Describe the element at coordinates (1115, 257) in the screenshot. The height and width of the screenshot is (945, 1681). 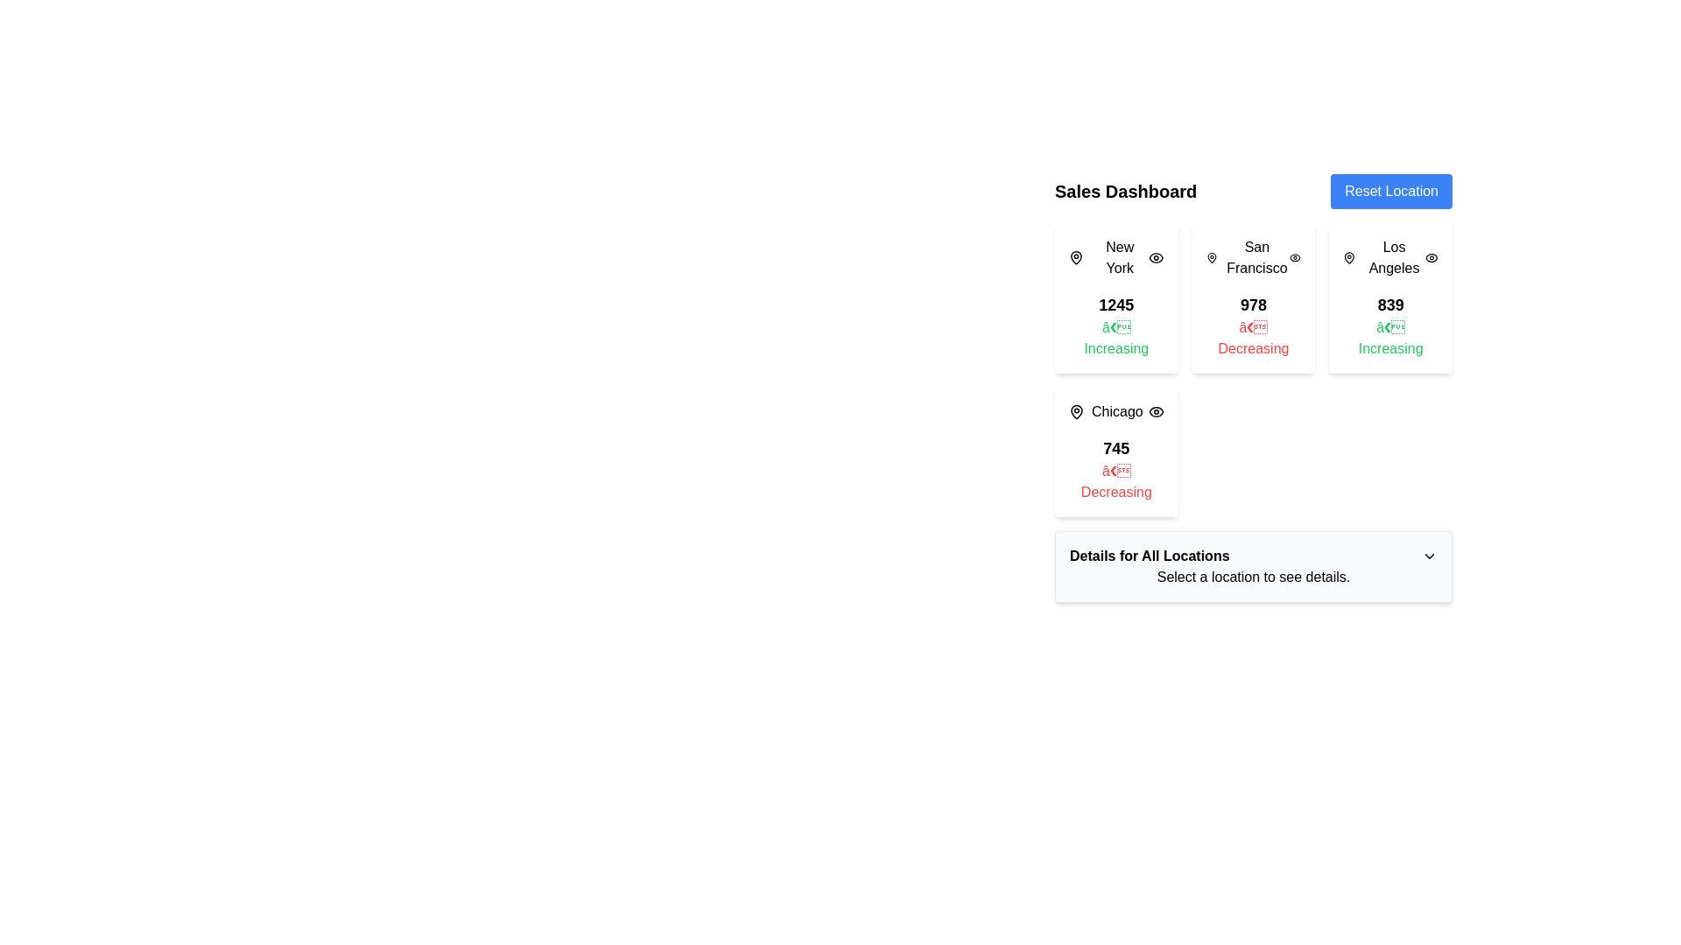
I see `the location marker icon on the left of the 'New York' text label` at that location.